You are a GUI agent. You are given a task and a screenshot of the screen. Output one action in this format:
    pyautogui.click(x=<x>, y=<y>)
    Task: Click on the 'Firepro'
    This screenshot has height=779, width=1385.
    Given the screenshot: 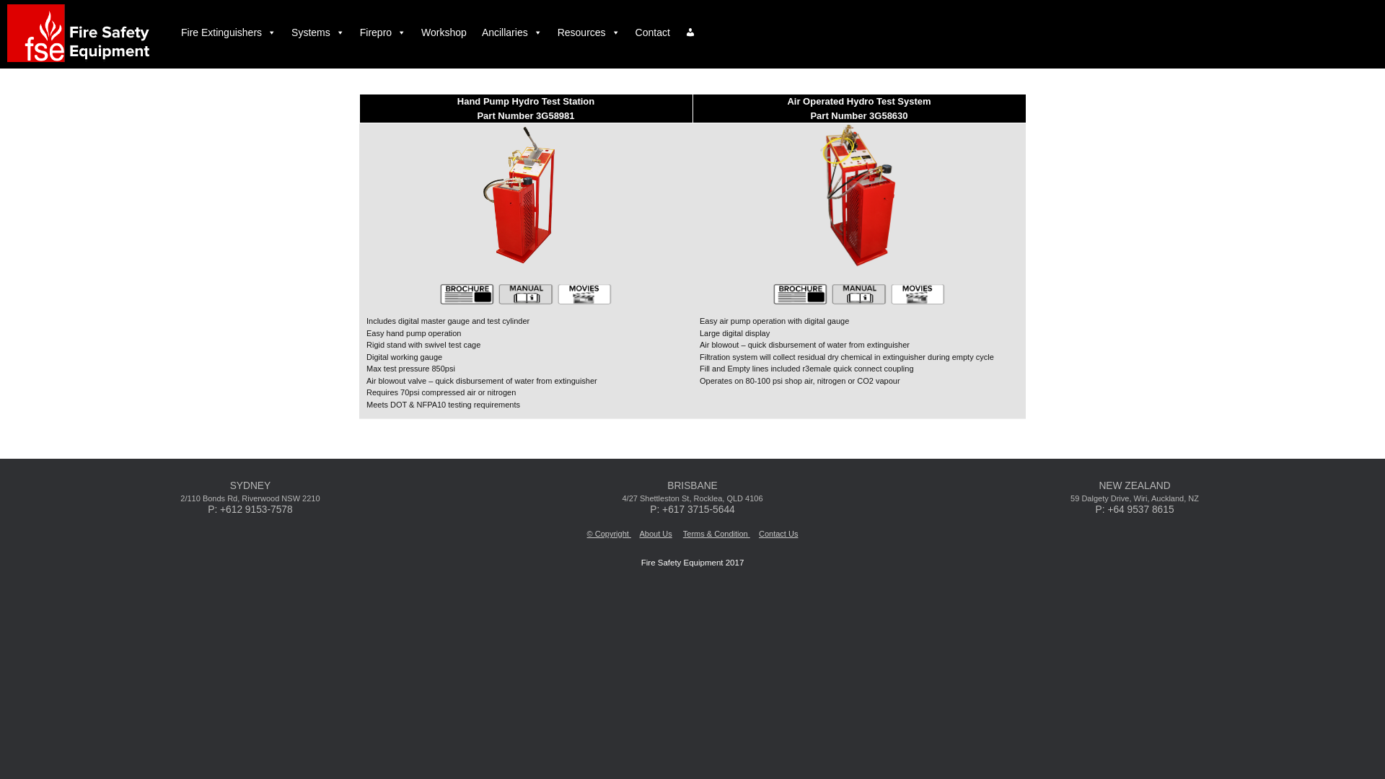 What is the action you would take?
    pyautogui.click(x=383, y=32)
    